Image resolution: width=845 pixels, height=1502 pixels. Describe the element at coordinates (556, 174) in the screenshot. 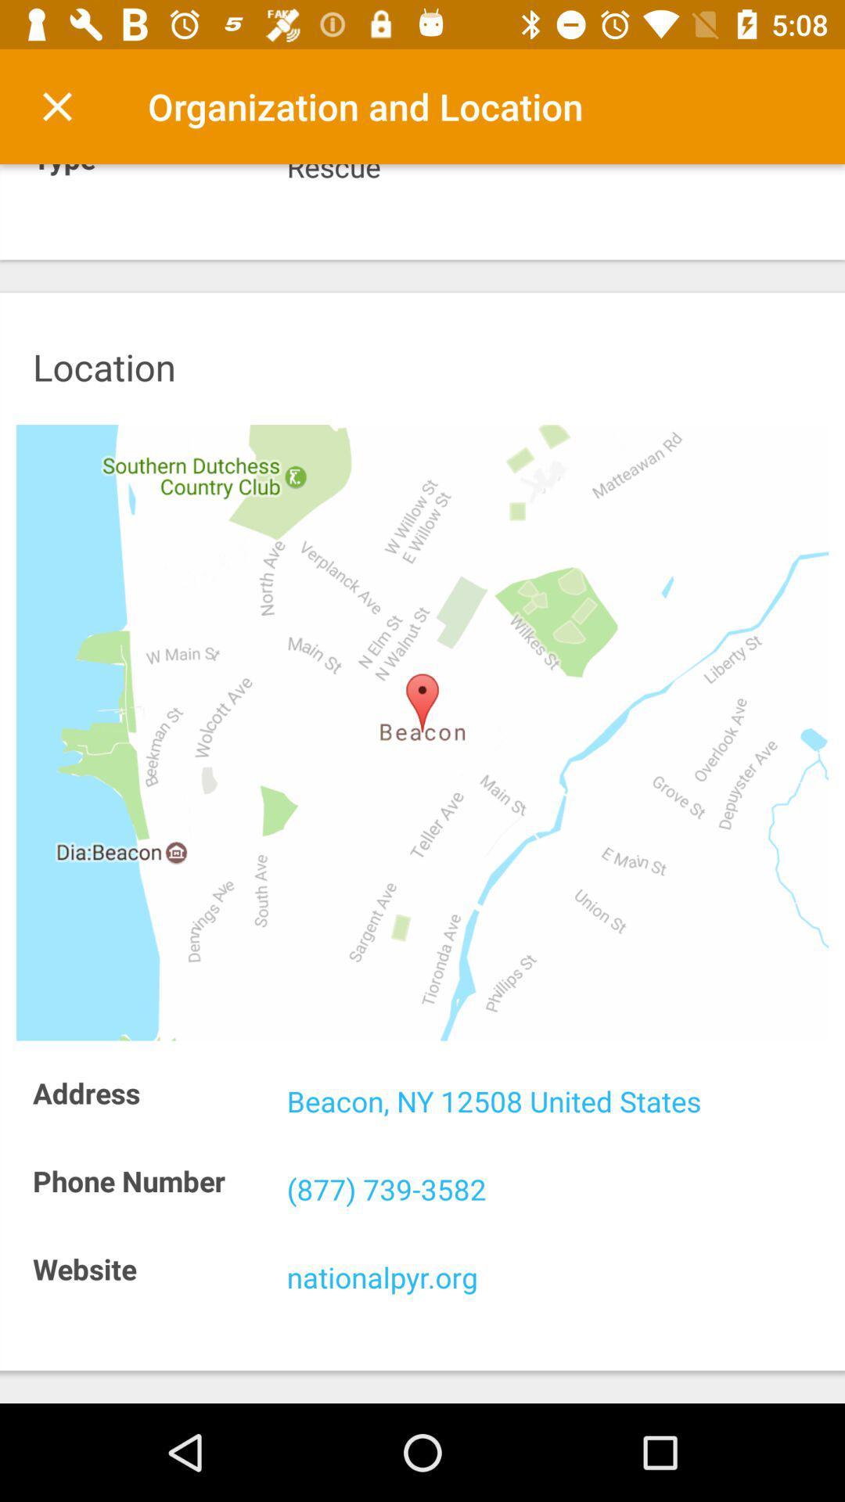

I see `the item next to type icon` at that location.